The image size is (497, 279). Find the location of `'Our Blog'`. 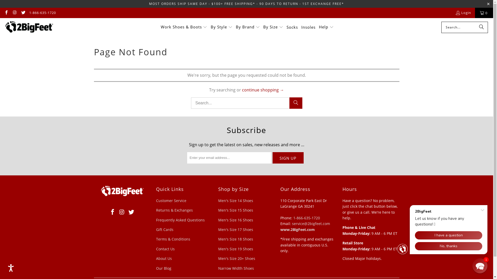

'Our Blog' is located at coordinates (163, 268).